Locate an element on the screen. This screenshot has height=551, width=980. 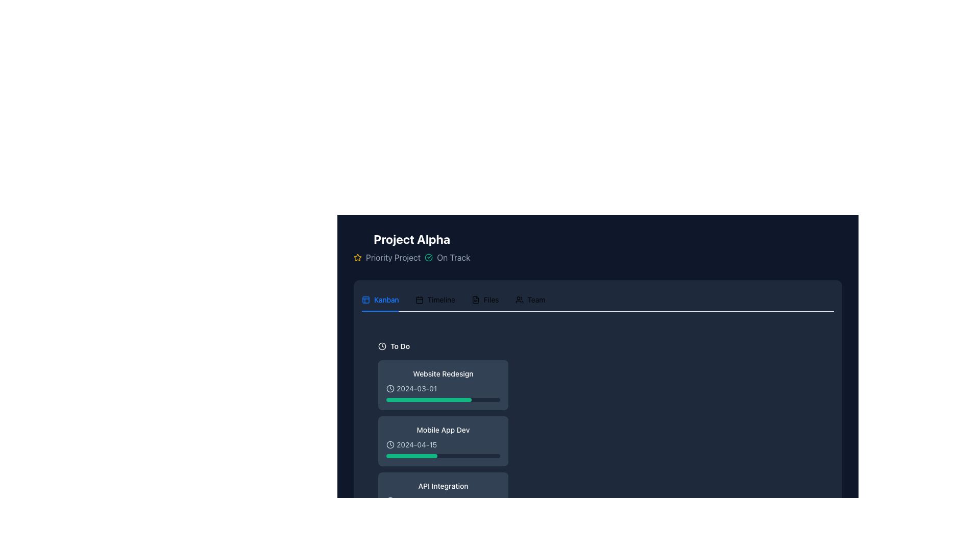
the status label indicating the current project status, located to the right of the 'Priority Project' text and a green checkmark symbol is located at coordinates (453, 257).